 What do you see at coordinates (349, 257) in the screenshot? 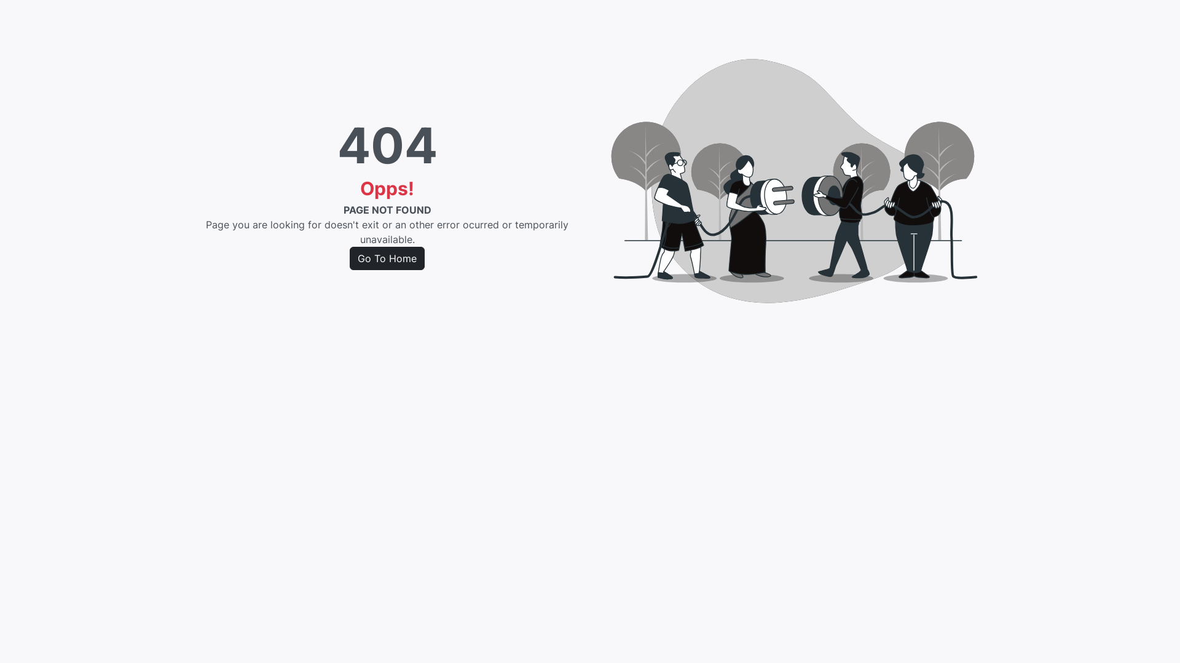
I see `'Go To Home'` at bounding box center [349, 257].